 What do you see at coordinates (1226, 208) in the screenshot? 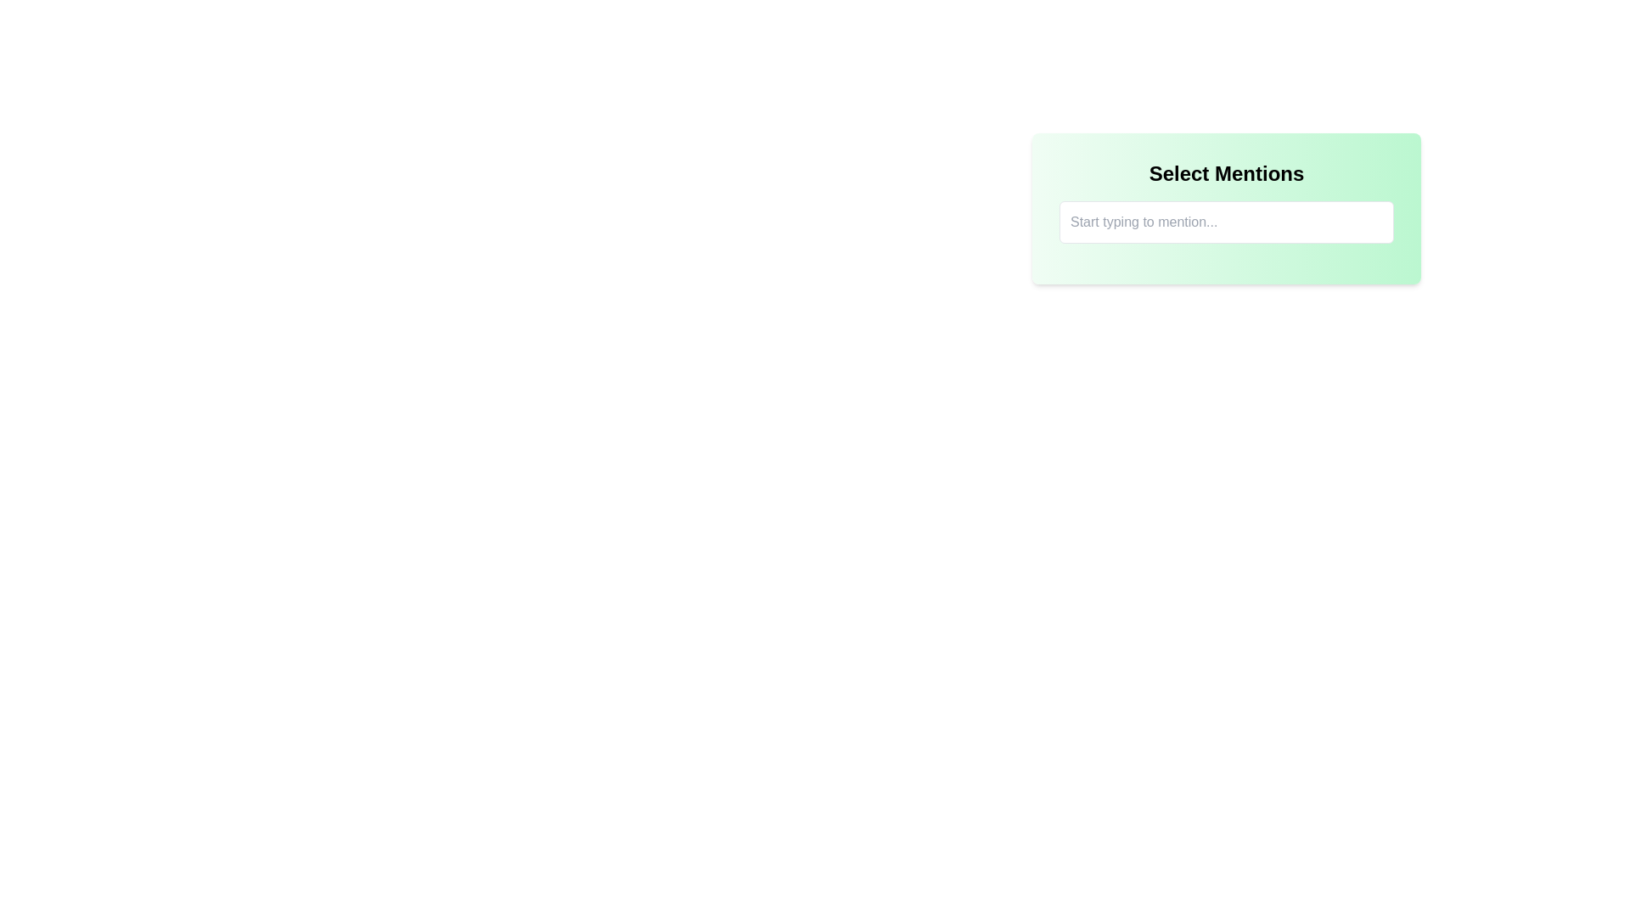
I see `the input field for entering textual mentions to focus on it` at bounding box center [1226, 208].